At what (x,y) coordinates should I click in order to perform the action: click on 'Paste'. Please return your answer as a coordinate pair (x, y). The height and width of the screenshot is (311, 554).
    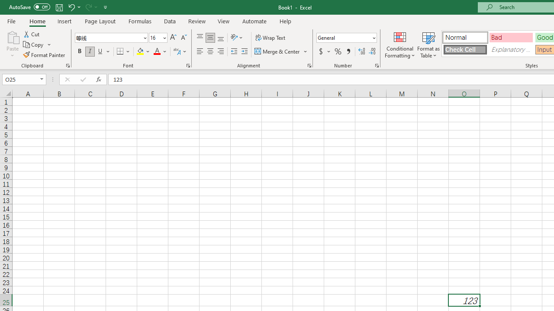
    Looking at the image, I should click on (12, 44).